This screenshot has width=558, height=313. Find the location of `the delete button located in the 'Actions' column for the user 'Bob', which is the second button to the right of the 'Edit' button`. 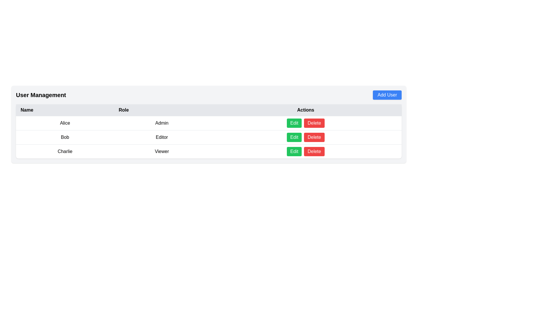

the delete button located in the 'Actions' column for the user 'Bob', which is the second button to the right of the 'Edit' button is located at coordinates (314, 137).